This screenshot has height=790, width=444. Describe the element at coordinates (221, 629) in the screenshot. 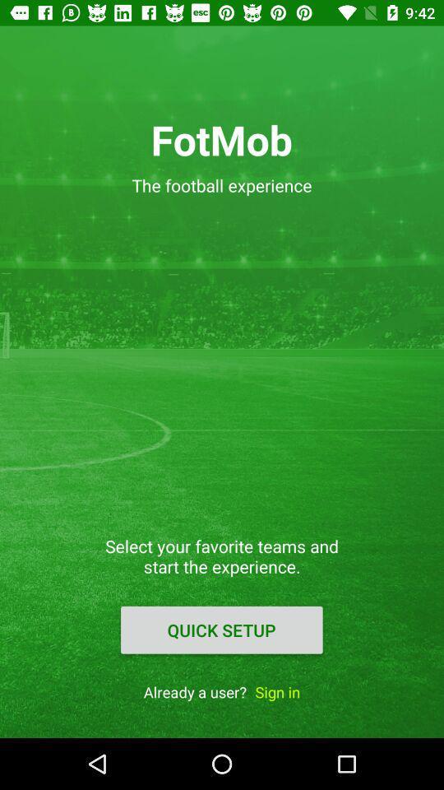

I see `item above already a user? icon` at that location.